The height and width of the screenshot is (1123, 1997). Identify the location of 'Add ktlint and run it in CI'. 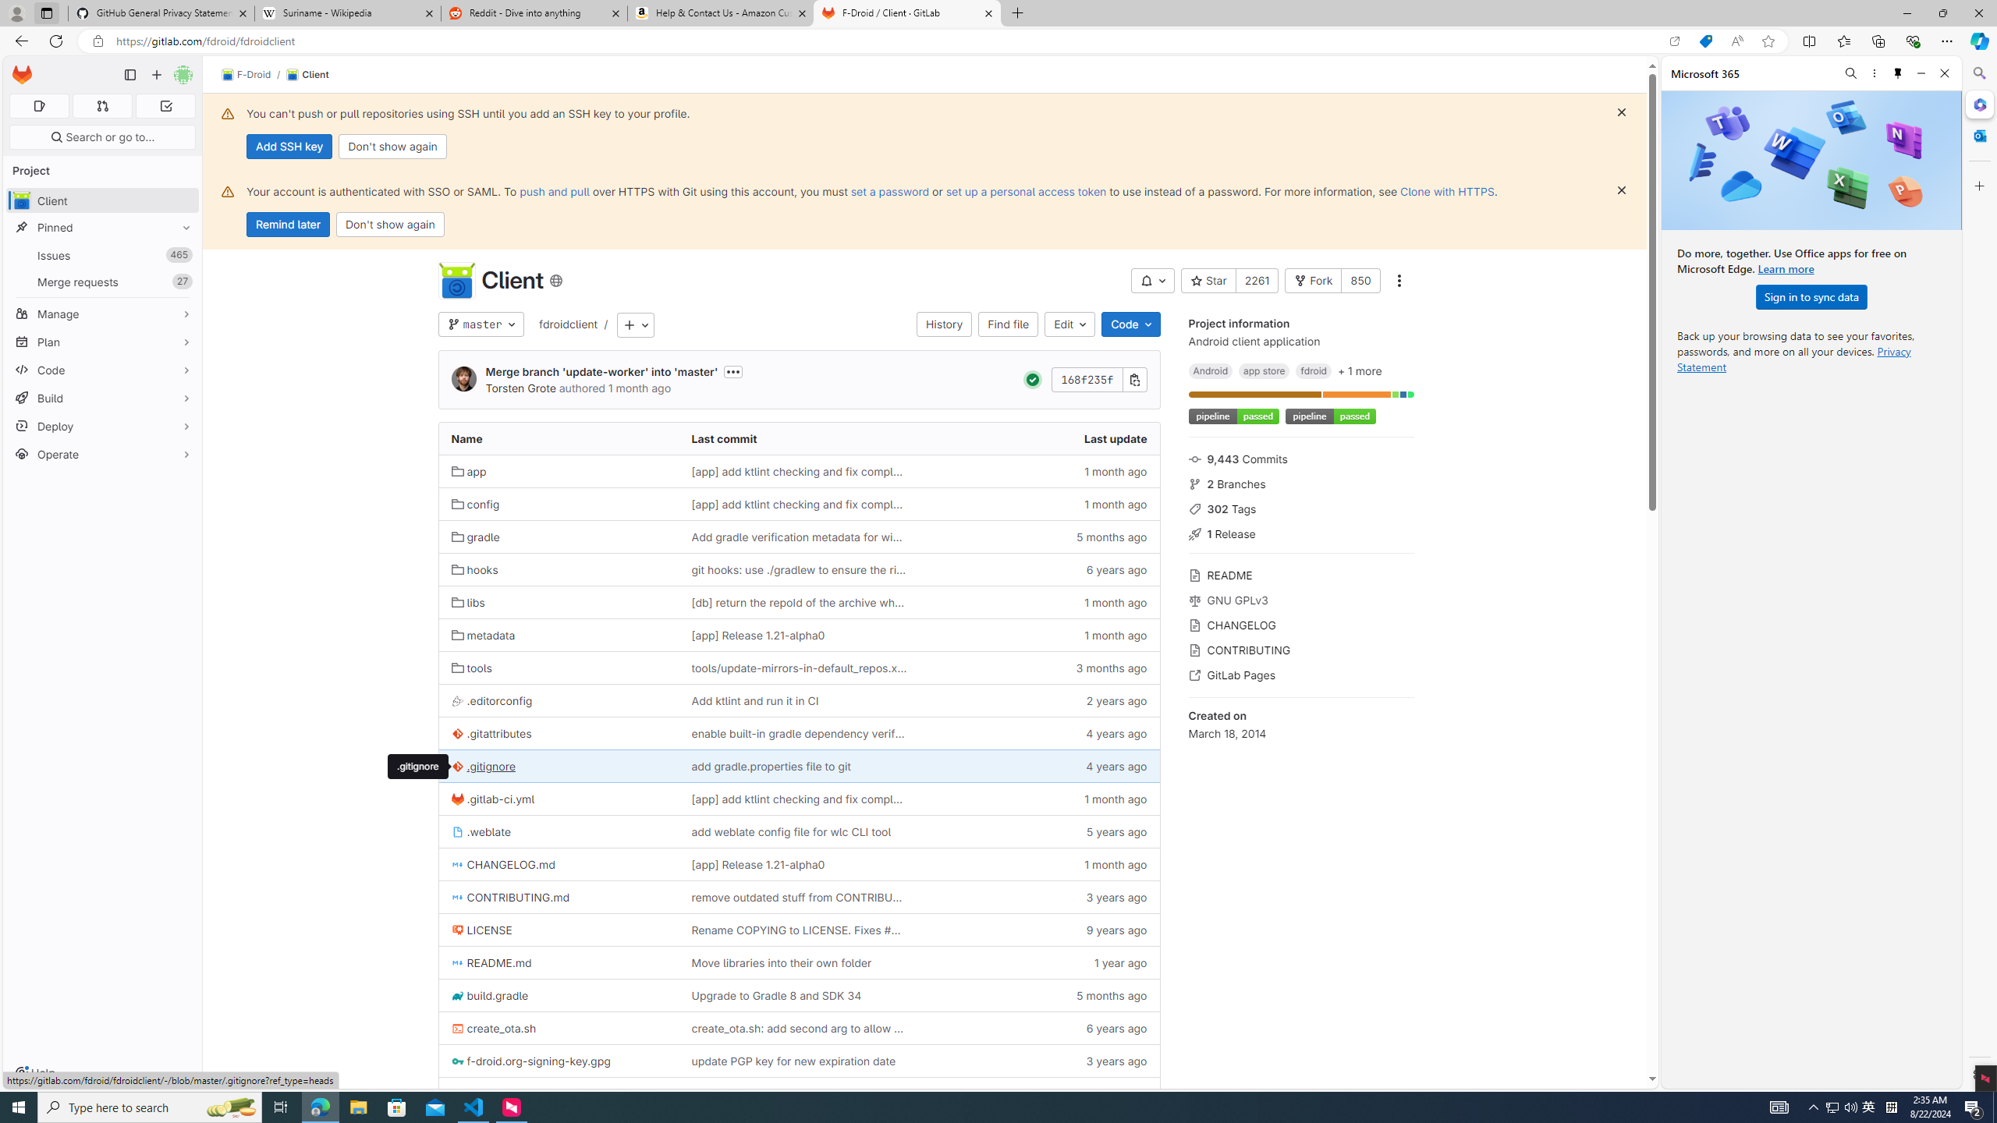
(799, 700).